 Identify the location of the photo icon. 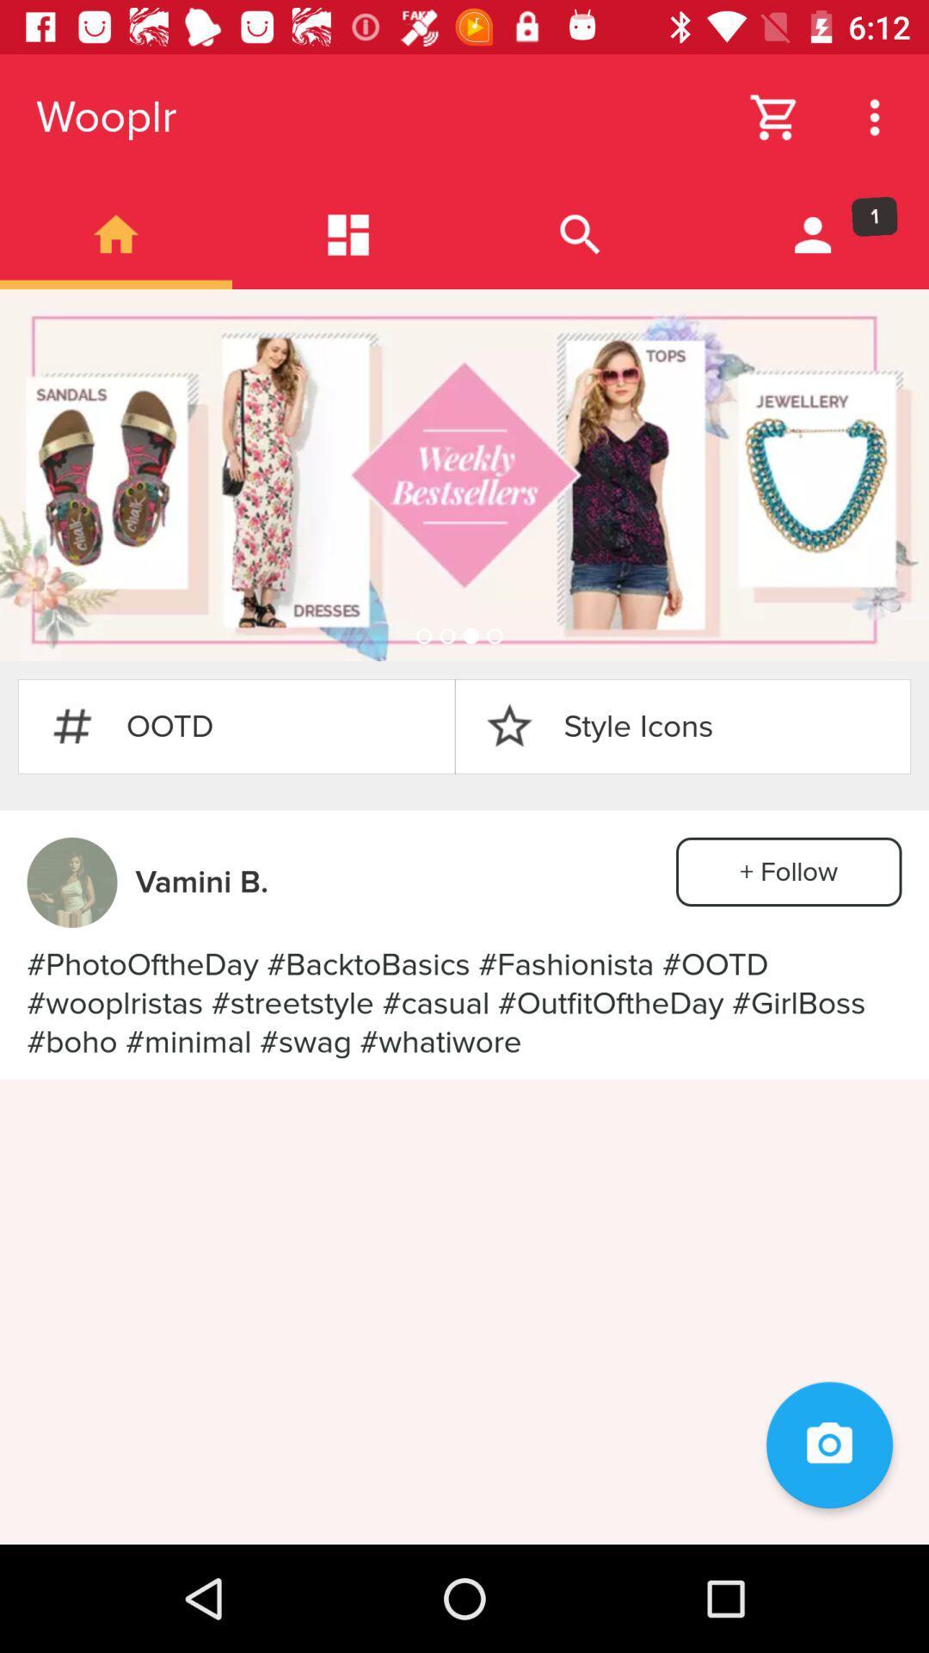
(828, 1445).